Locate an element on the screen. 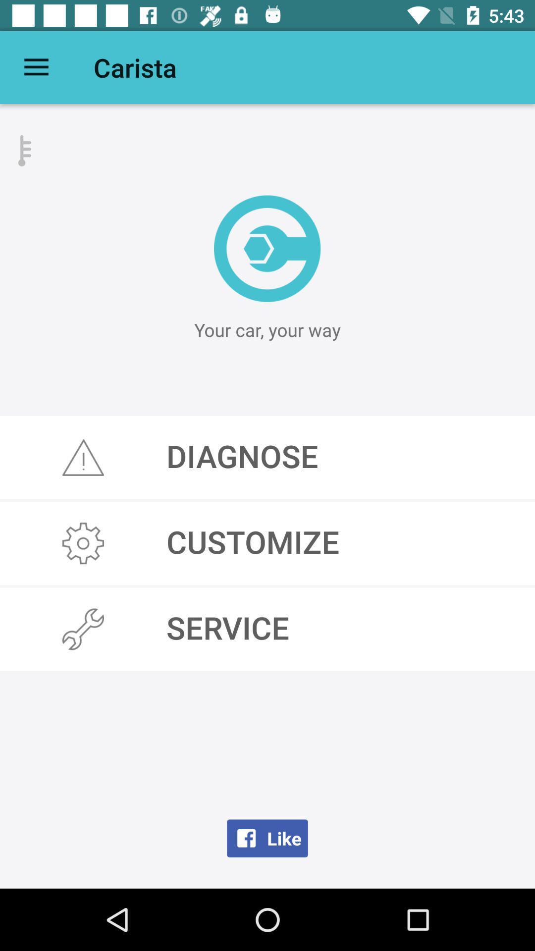 The width and height of the screenshot is (535, 951). the item to the left of carista is located at coordinates (36, 67).